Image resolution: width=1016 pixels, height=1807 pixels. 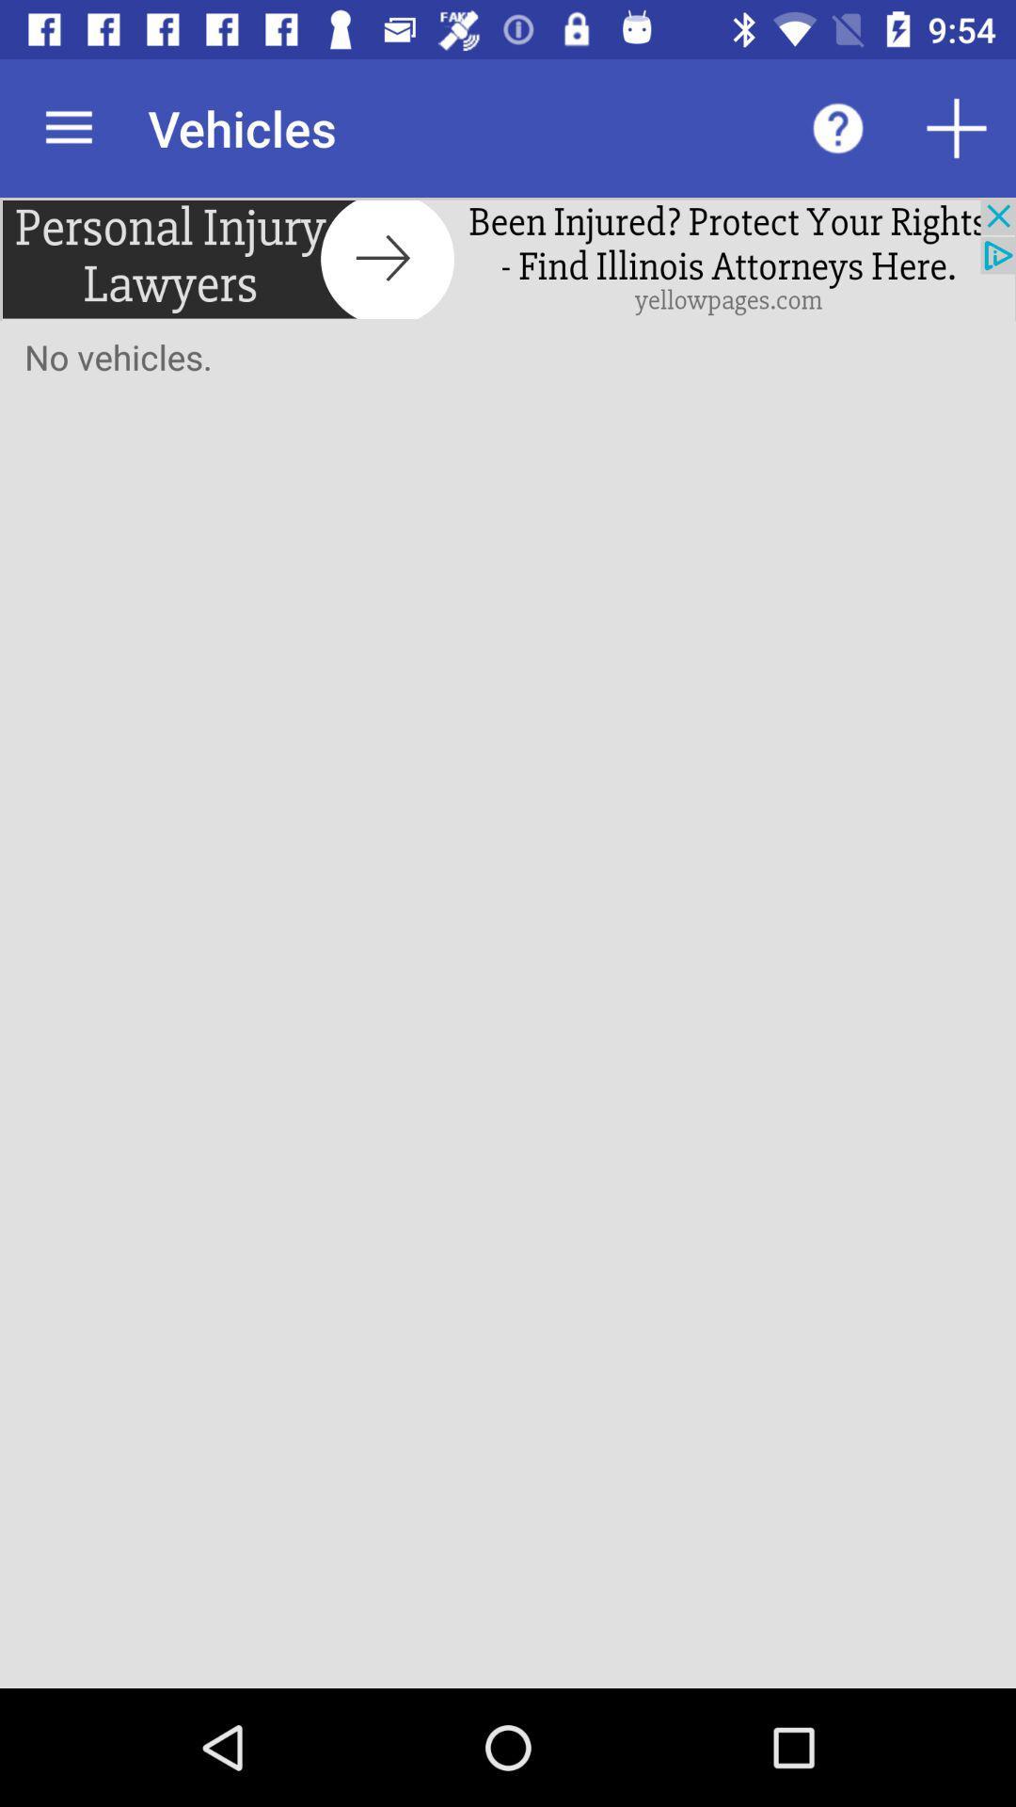 What do you see at coordinates (837, 127) in the screenshot?
I see `see help` at bounding box center [837, 127].